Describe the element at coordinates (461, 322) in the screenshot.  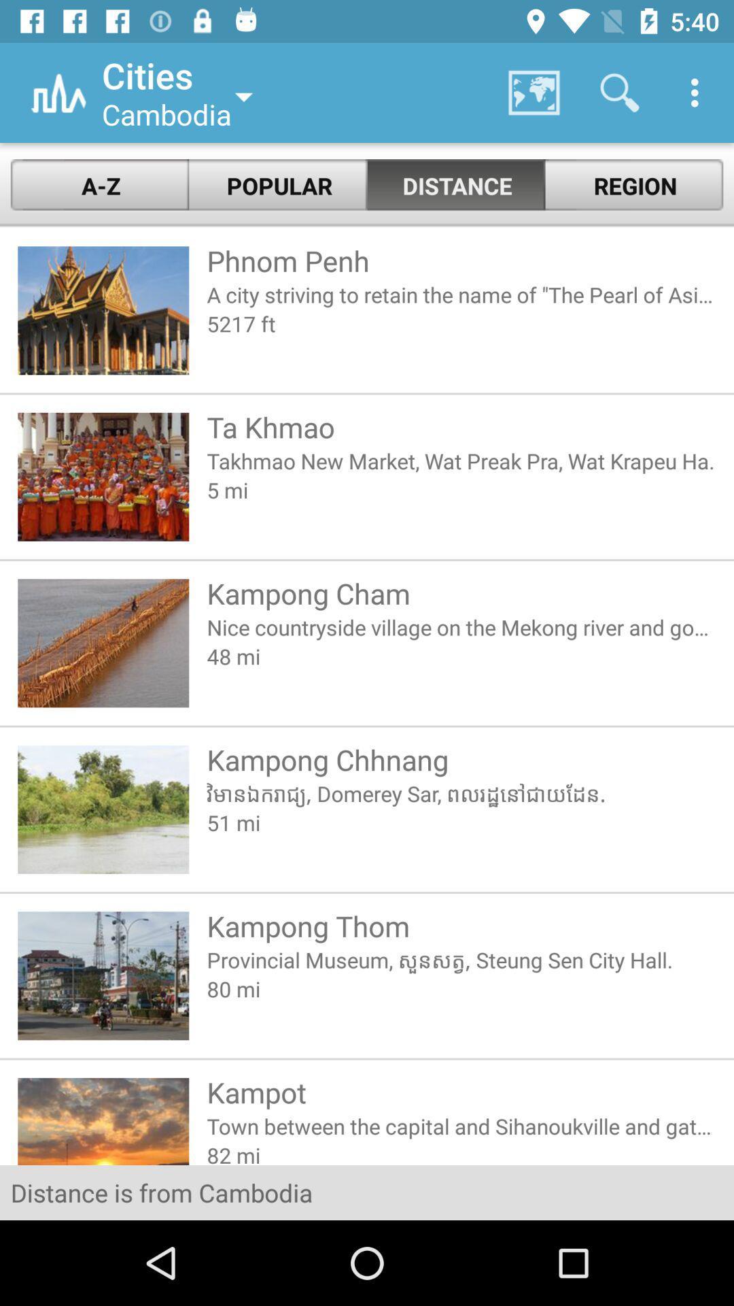
I see `the 5217 ft` at that location.